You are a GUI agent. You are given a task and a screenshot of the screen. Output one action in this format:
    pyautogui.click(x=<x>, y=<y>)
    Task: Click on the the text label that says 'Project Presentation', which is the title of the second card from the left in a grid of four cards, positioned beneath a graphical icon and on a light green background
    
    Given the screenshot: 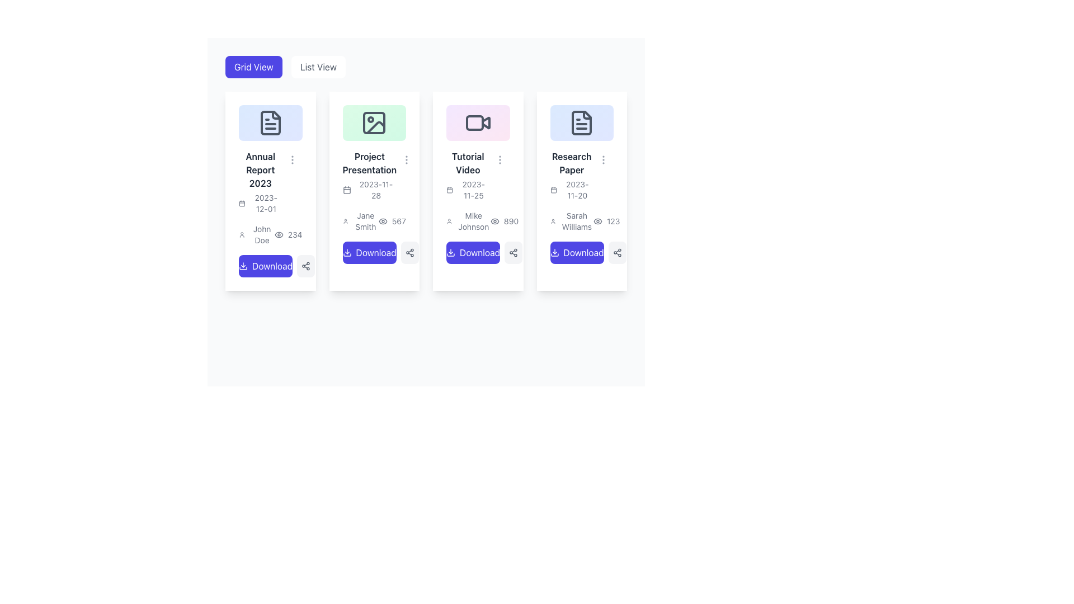 What is the action you would take?
    pyautogui.click(x=369, y=163)
    